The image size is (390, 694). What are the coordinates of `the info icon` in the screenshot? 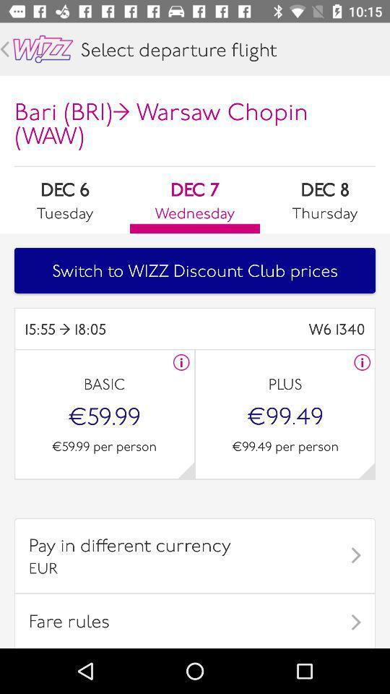 It's located at (361, 361).